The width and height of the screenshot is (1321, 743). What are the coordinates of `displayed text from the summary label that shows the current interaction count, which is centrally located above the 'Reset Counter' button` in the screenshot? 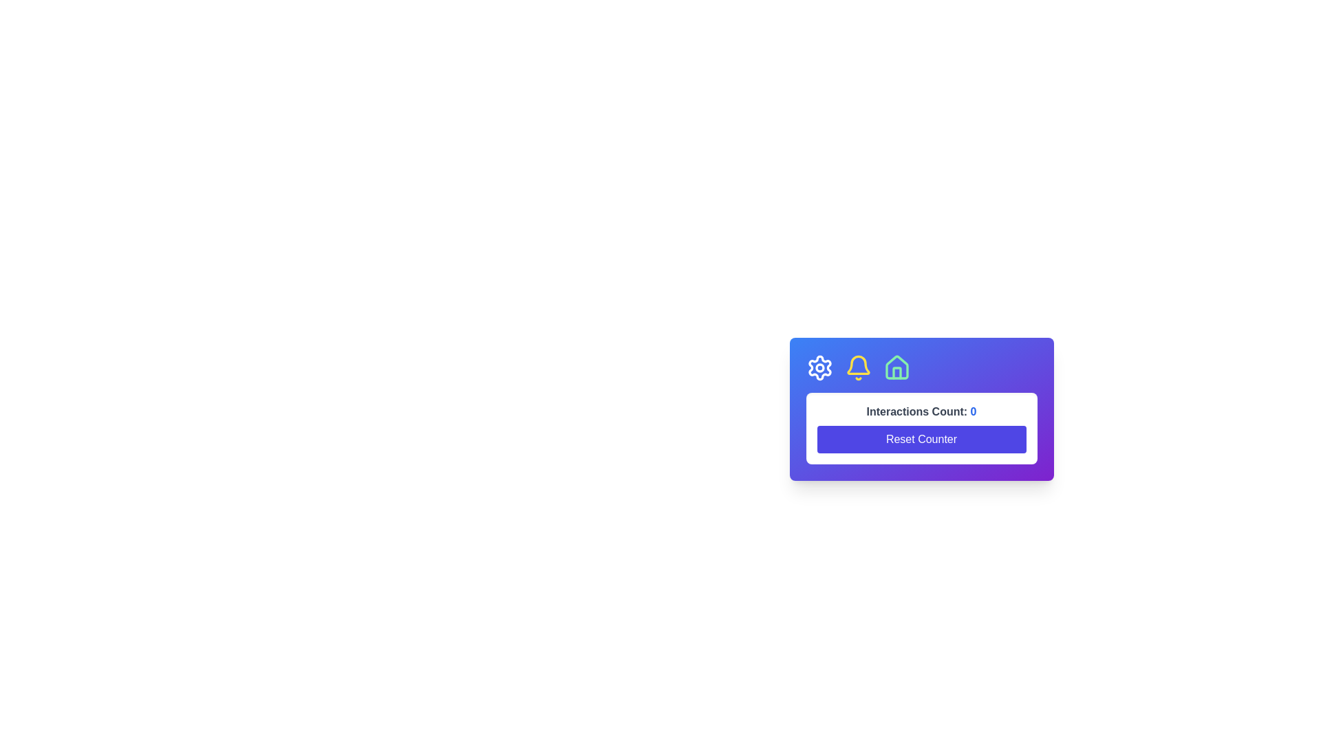 It's located at (921, 411).